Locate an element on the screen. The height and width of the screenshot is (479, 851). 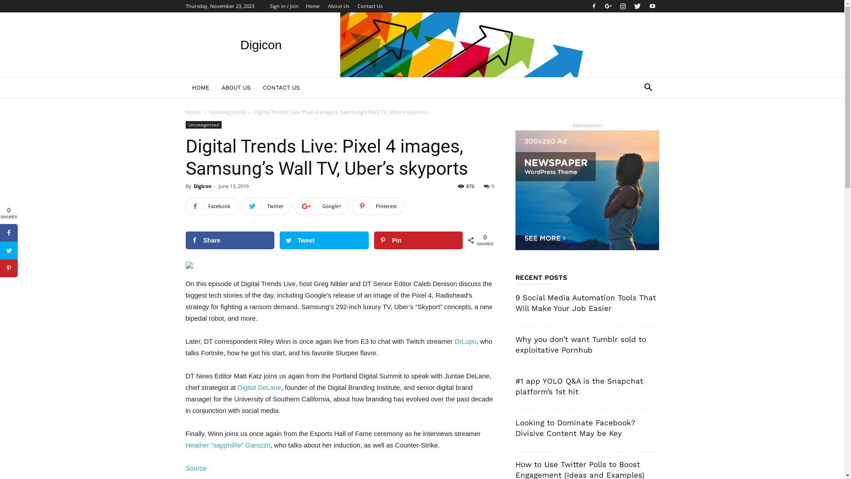
'Share' is located at coordinates (184, 240).